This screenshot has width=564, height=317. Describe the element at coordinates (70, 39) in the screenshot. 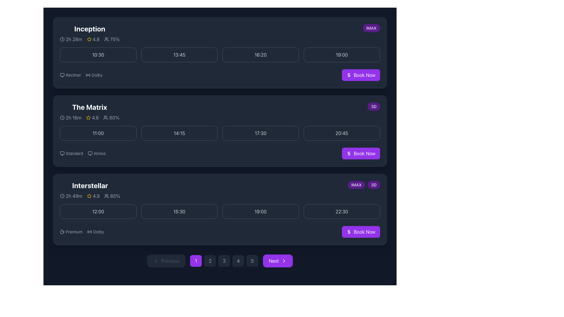

I see `the static text displaying the duration '2h 28m' with a clock icon to its left, located in the 'Inception' section` at that location.